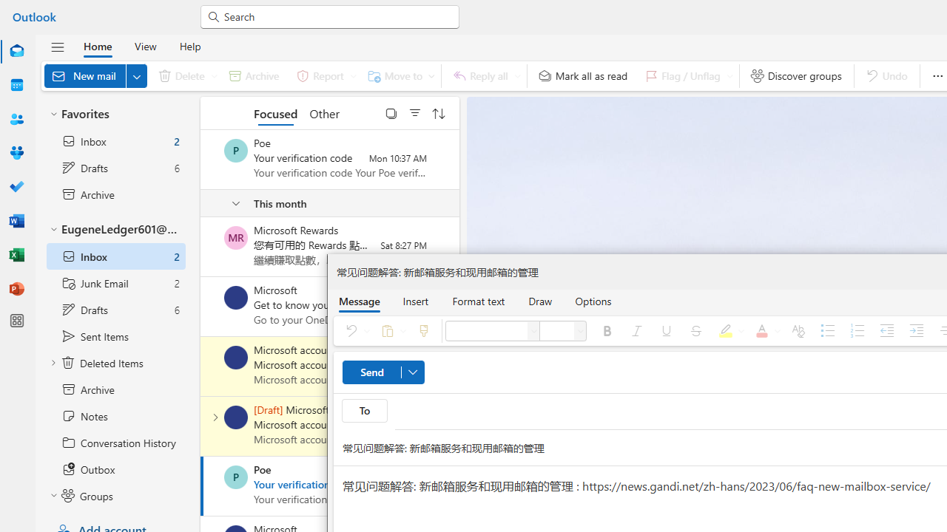 Image resolution: width=947 pixels, height=532 pixels. Describe the element at coordinates (479, 300) in the screenshot. I see `'Format text'` at that location.